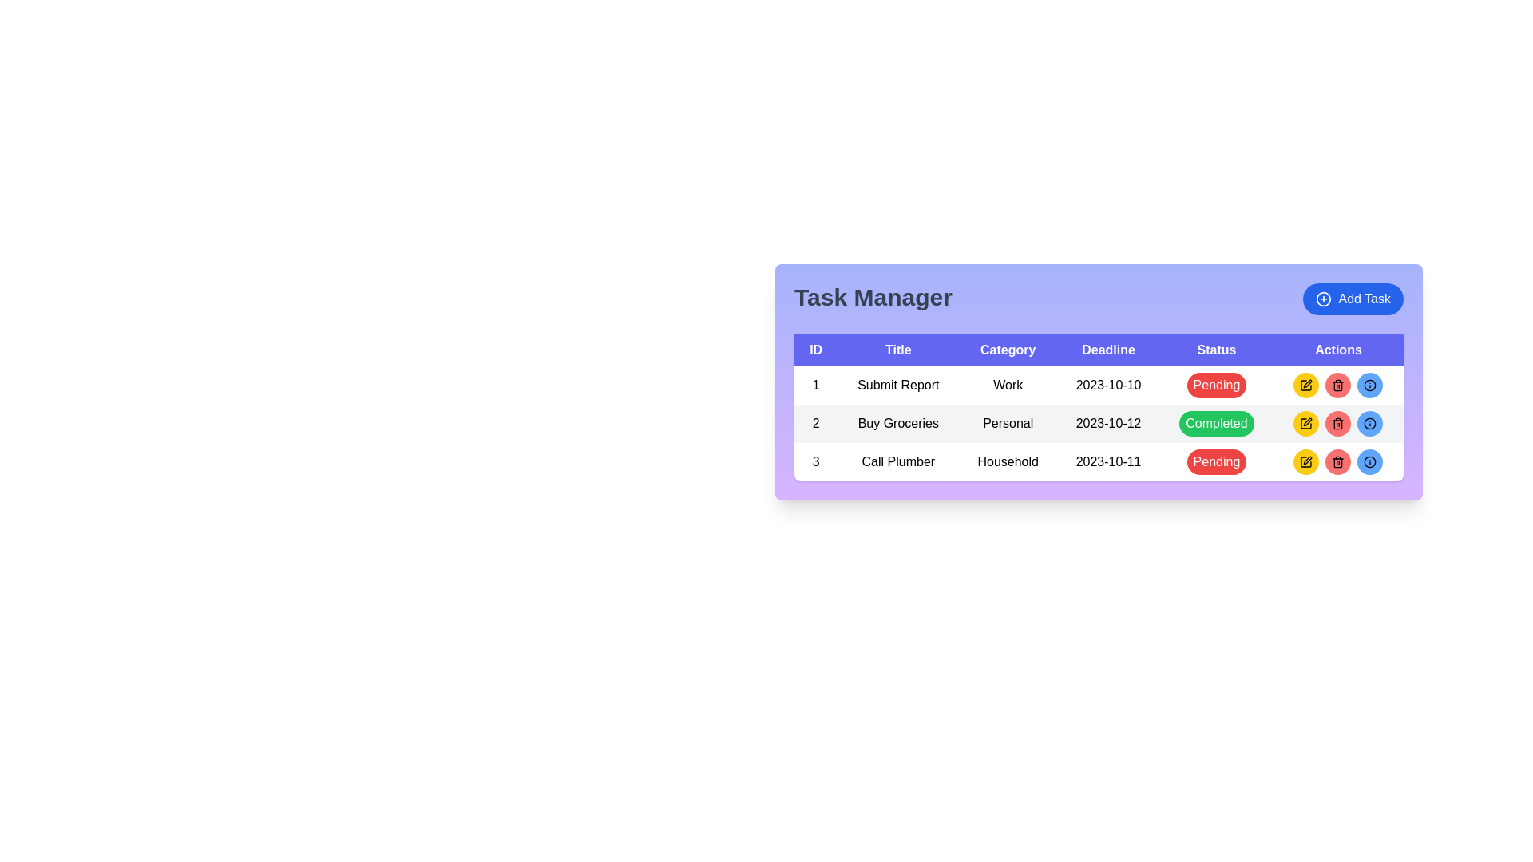 The image size is (1533, 862). I want to click on the first cell in the first data row of the table, which contains the value '1', so click(816, 385).